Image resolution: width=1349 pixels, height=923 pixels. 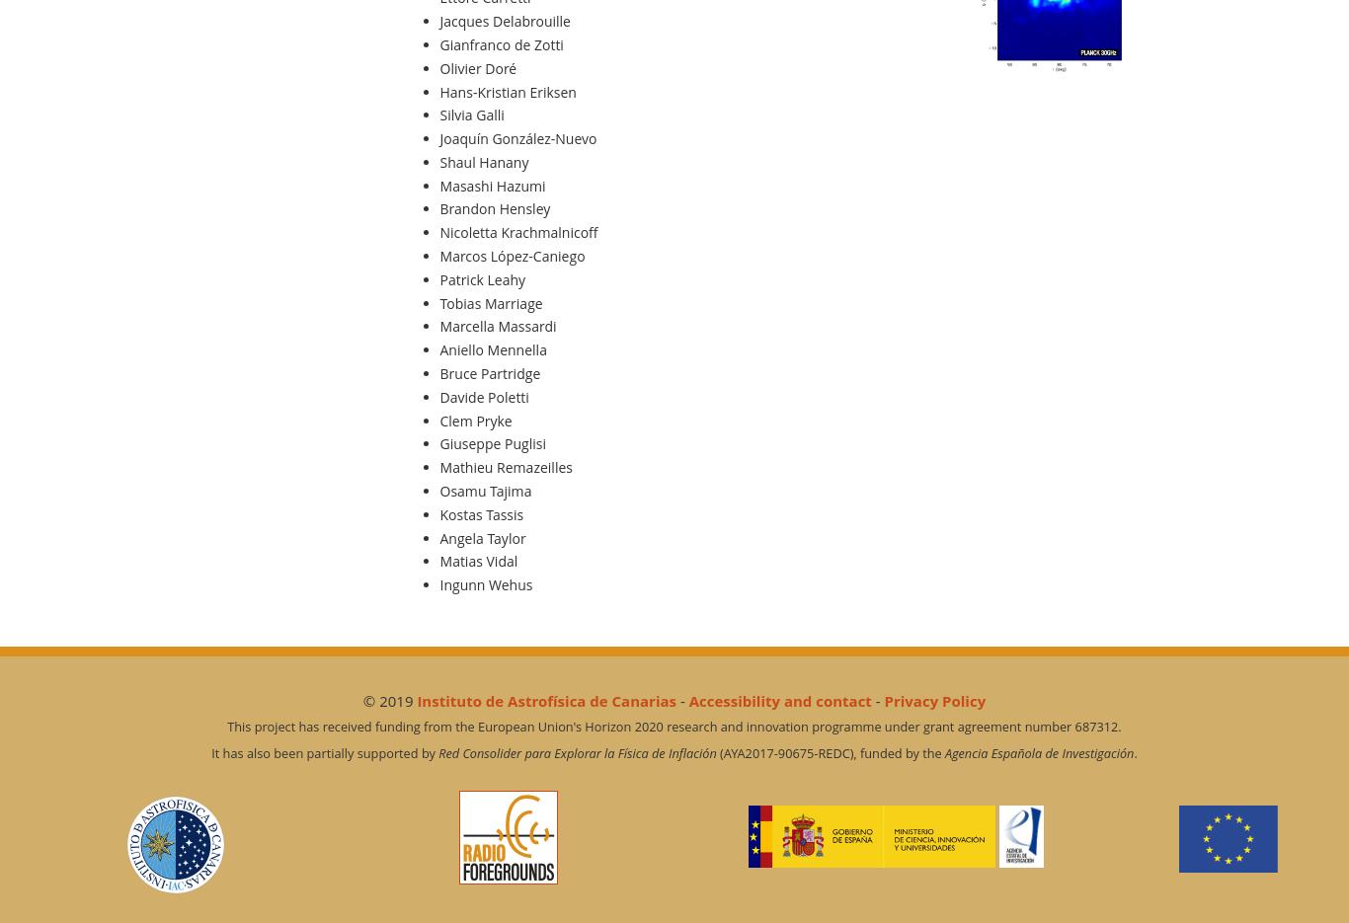 I want to click on 'Clem Pryke', so click(x=438, y=420).